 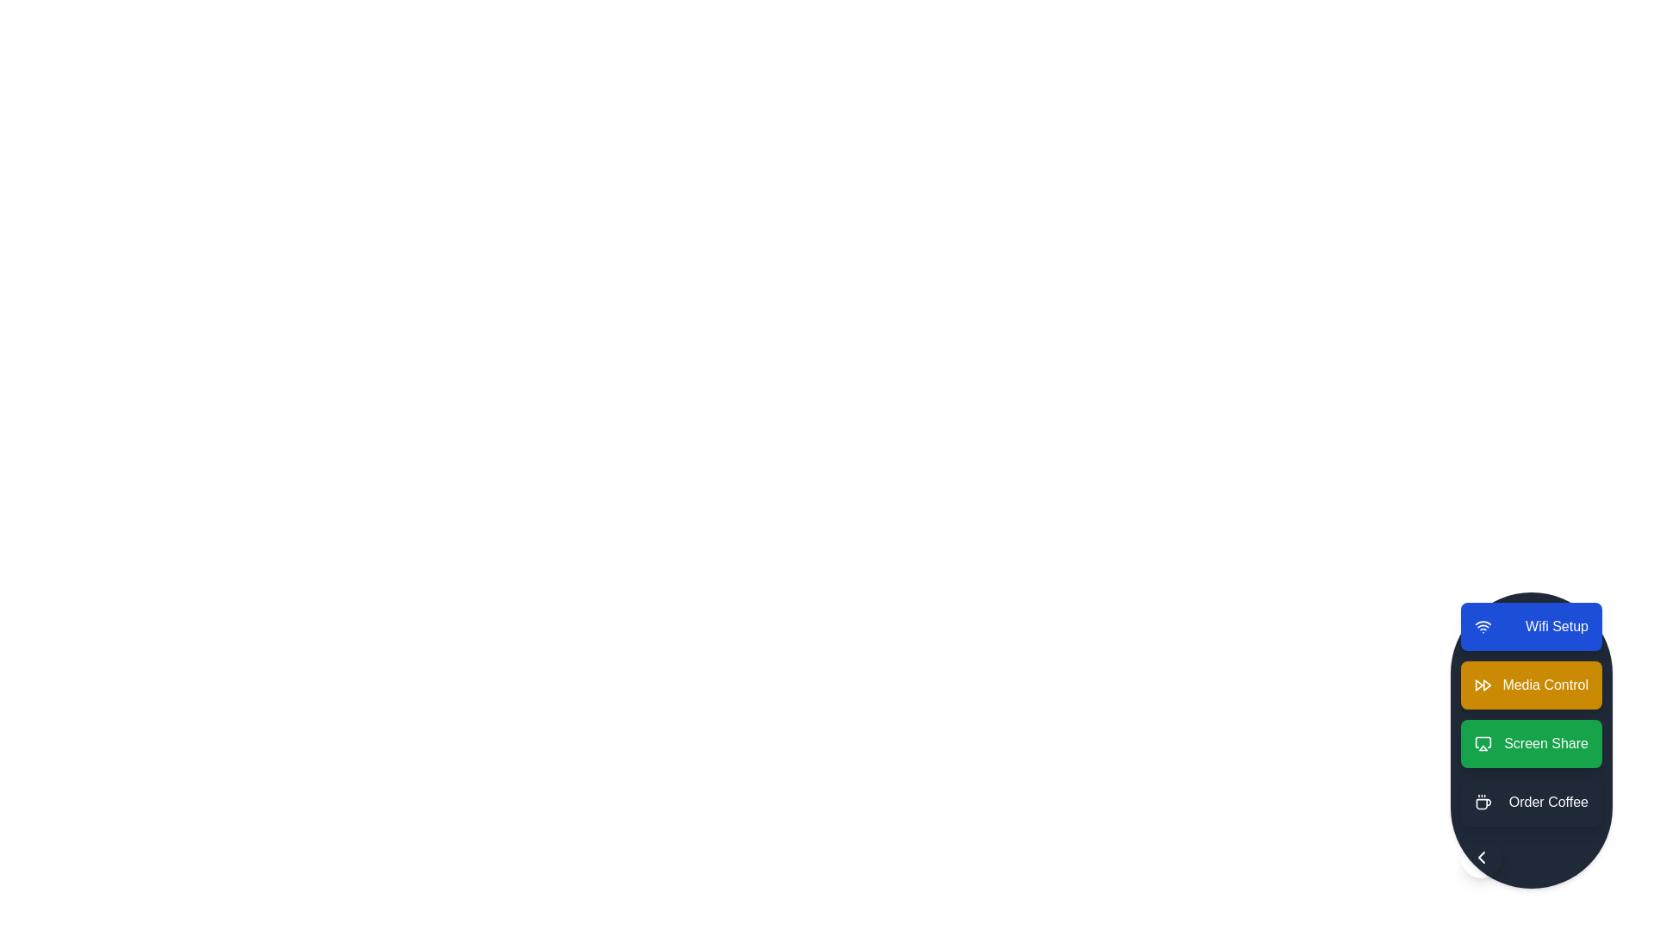 I want to click on the action item labeled Media Control to observe visual feedback, so click(x=1531, y=684).